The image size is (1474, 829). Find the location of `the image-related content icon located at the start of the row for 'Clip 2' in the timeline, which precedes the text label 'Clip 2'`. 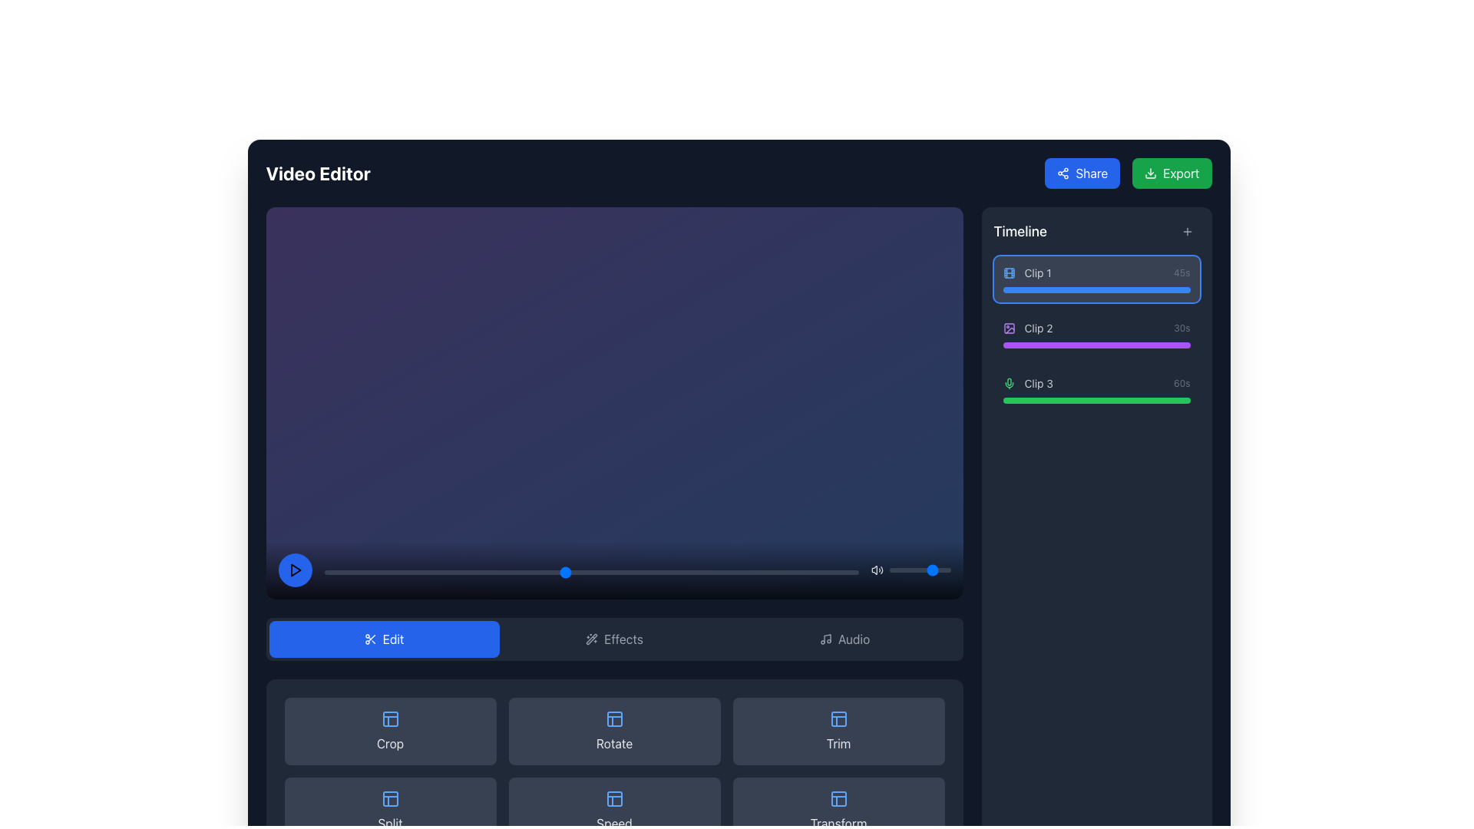

the image-related content icon located at the start of the row for 'Clip 2' in the timeline, which precedes the text label 'Clip 2' is located at coordinates (1009, 328).